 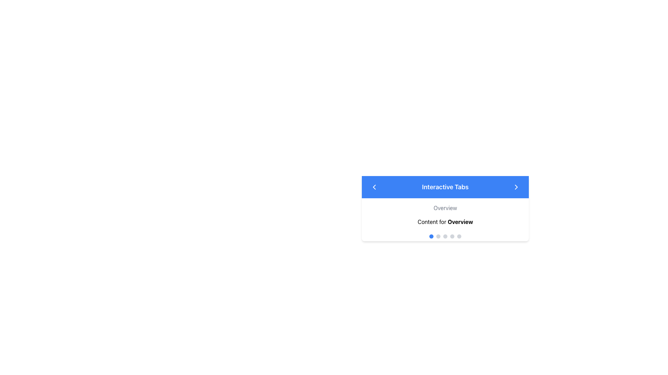 I want to click on the bold, large-sized text label reading 'Interactive Tabs' that is displayed in white color against a blue background, located centrally within a blue horizontal bar, so click(x=445, y=187).